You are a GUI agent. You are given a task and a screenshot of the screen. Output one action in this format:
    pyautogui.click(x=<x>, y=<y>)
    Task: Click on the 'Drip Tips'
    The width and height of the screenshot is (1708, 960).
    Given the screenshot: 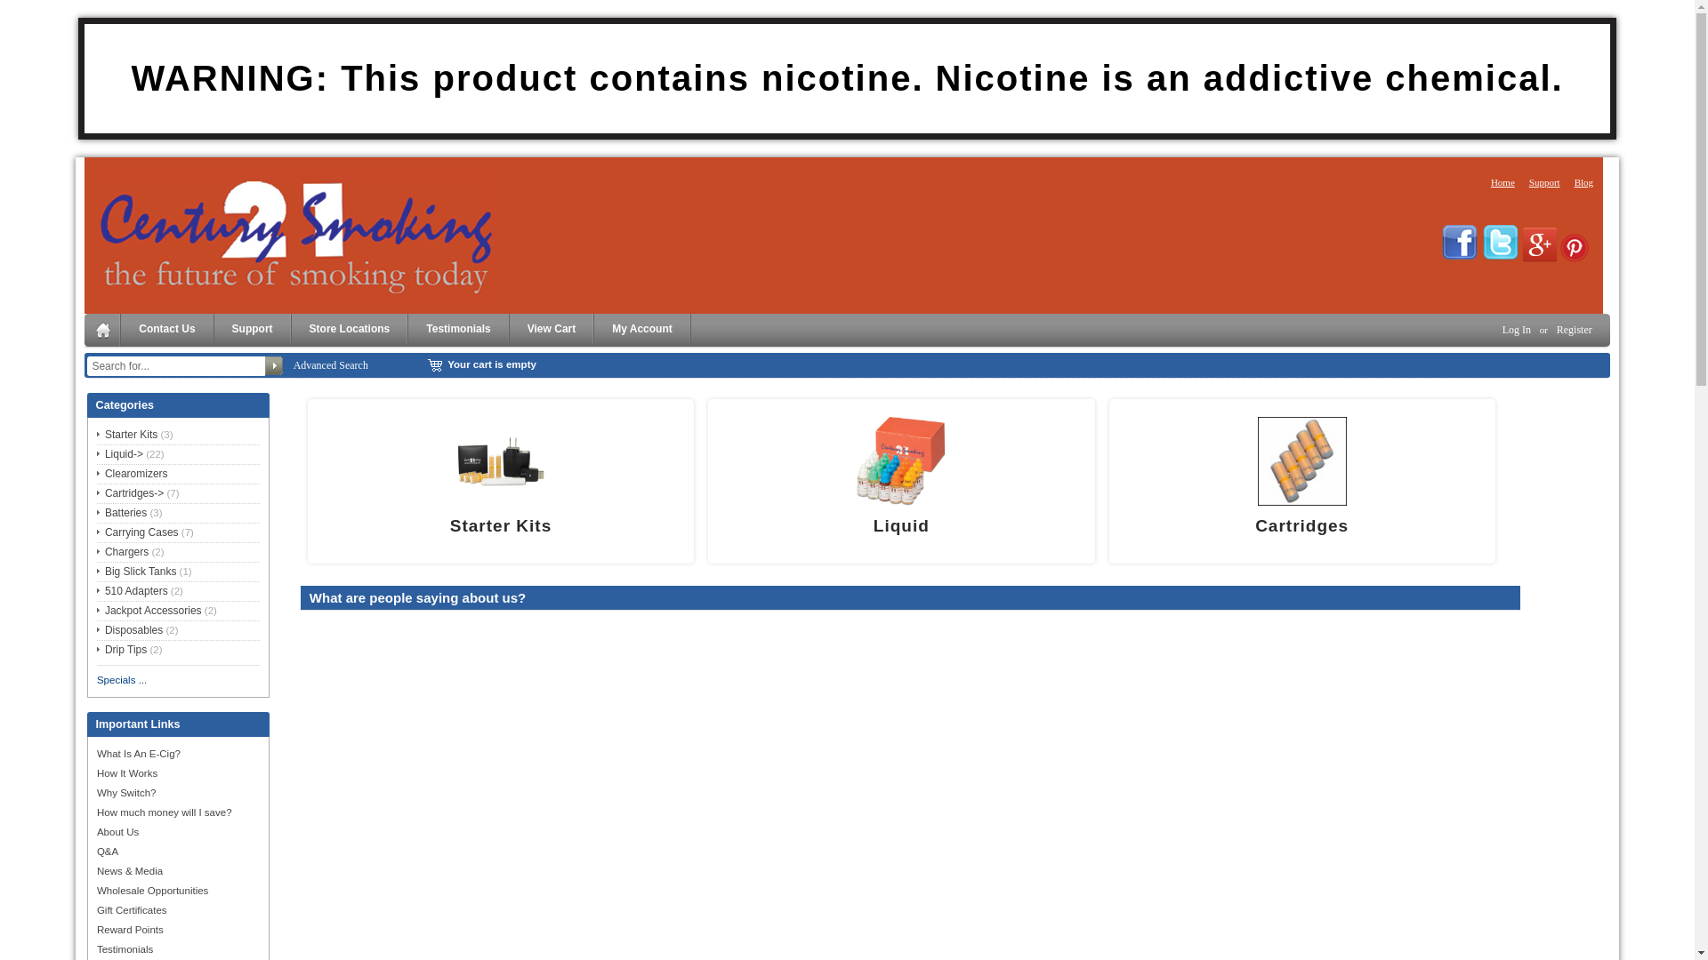 What is the action you would take?
    pyautogui.click(x=121, y=650)
    